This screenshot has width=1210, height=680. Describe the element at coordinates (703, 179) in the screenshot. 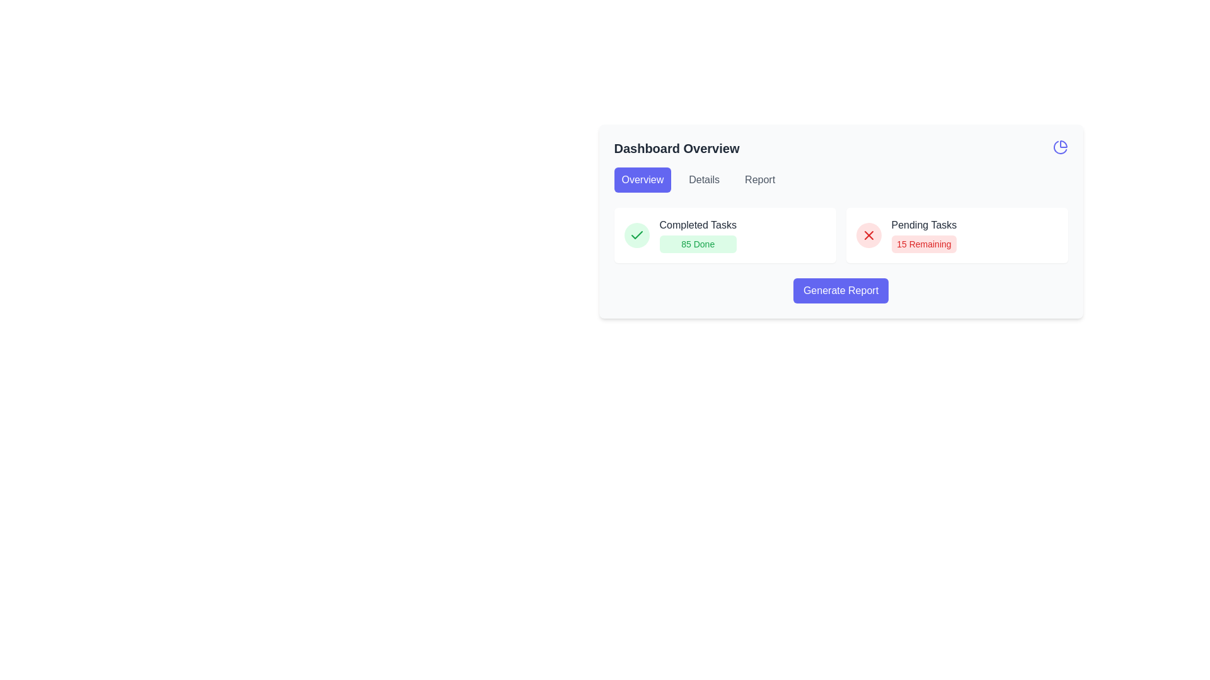

I see `the 'Details' button, which is a rectangular button with a rounded border and medium gray text, located between the 'Overview' and 'Report' buttons` at that location.